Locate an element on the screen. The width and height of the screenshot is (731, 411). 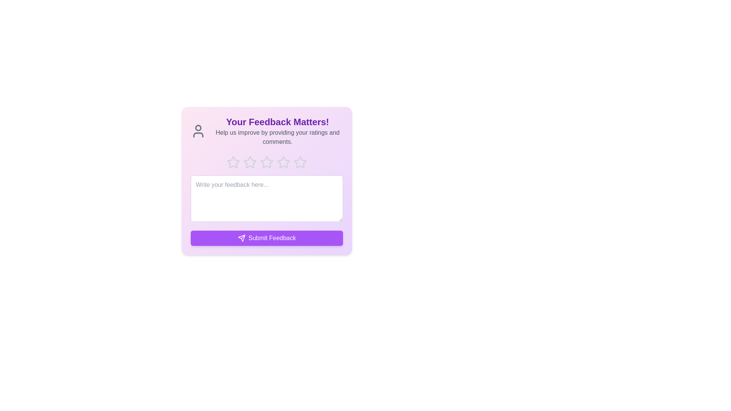
the star corresponding to the desired rating 2 is located at coordinates (250, 162).